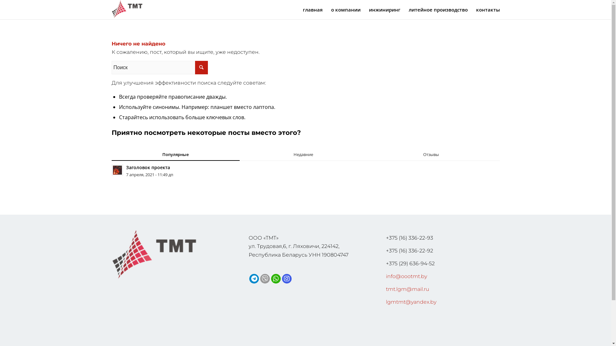  I want to click on 'whatsapp', so click(276, 278).